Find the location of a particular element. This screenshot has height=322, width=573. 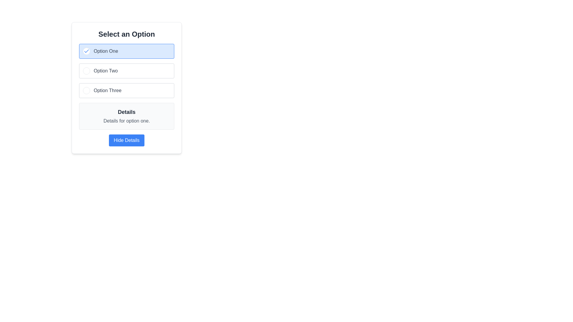

the text header displaying 'Select an Option', which is bold and large, centered at the top of a white background panel is located at coordinates (126, 34).